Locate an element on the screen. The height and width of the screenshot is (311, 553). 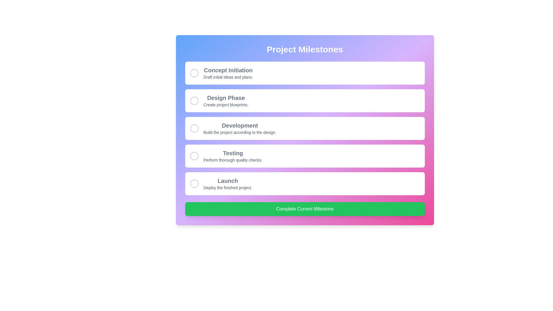
the circular decorative icon or progress indicator located to the left of the 'Design Phase' list item is located at coordinates (194, 100).